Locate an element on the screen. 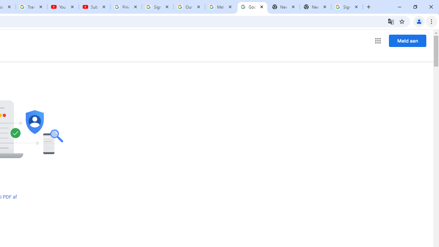 This screenshot has height=247, width=439. 'Meld aan' is located at coordinates (407, 40).